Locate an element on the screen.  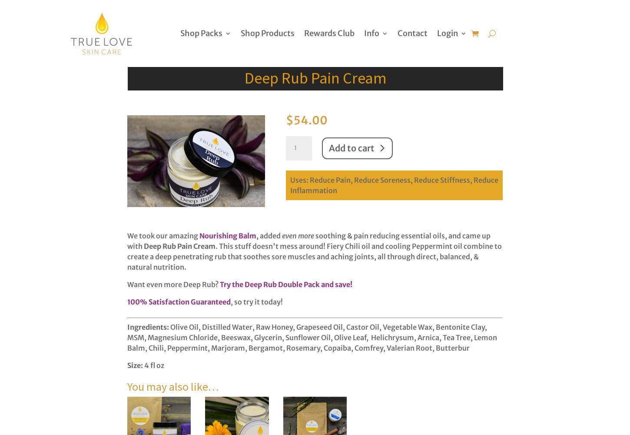
'4 fl oz' is located at coordinates (153, 365).